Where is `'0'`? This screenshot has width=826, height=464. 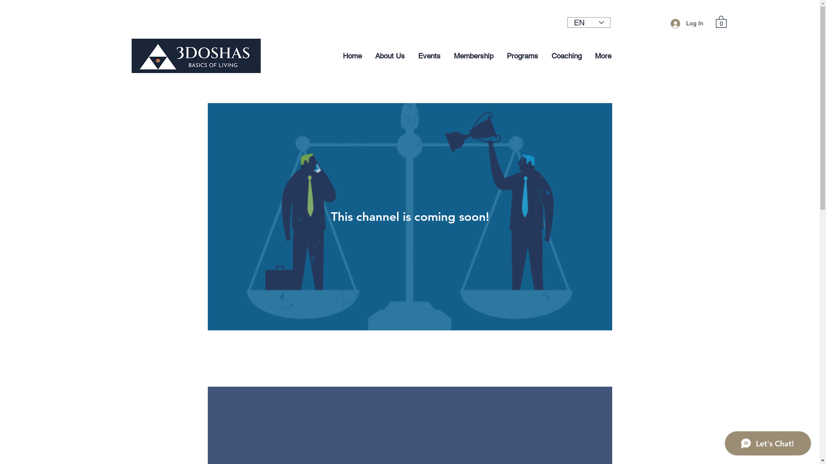 '0' is located at coordinates (716, 21).